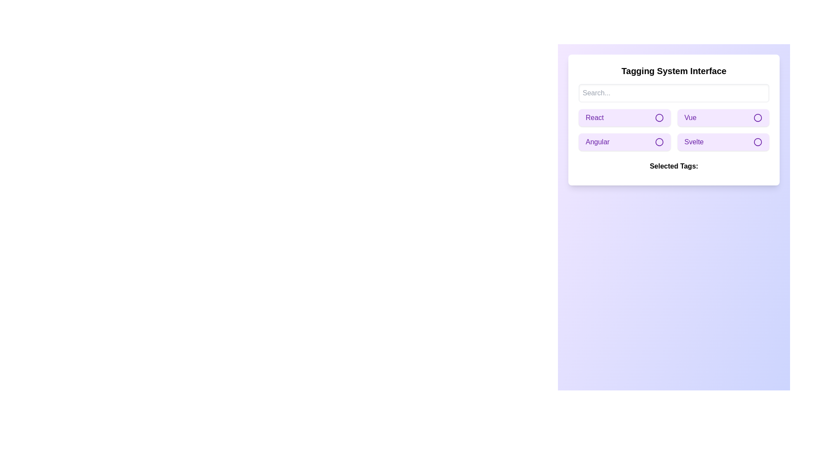 This screenshot has height=468, width=833. I want to click on the Radio button indicator circle on the left side of the 'React' label, so click(659, 118).